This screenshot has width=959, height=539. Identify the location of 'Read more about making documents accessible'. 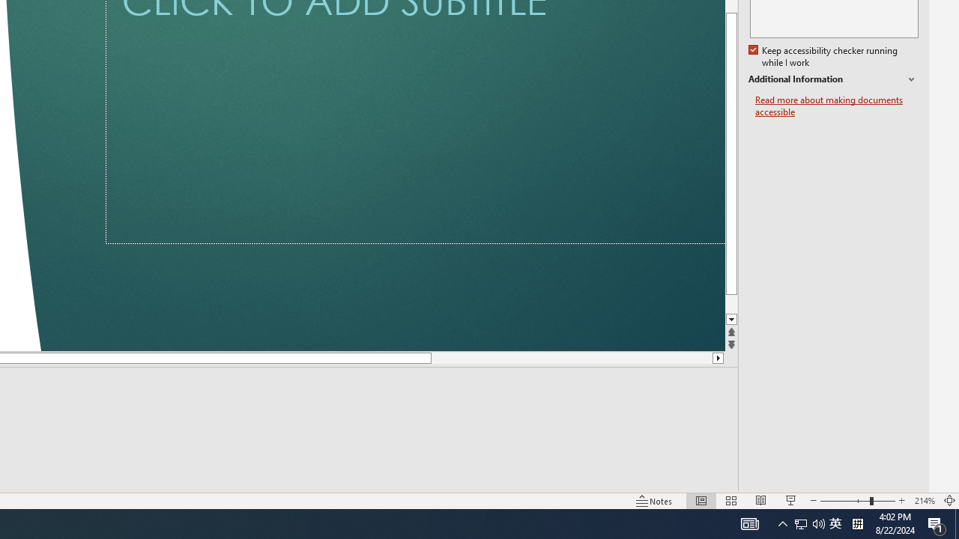
(836, 106).